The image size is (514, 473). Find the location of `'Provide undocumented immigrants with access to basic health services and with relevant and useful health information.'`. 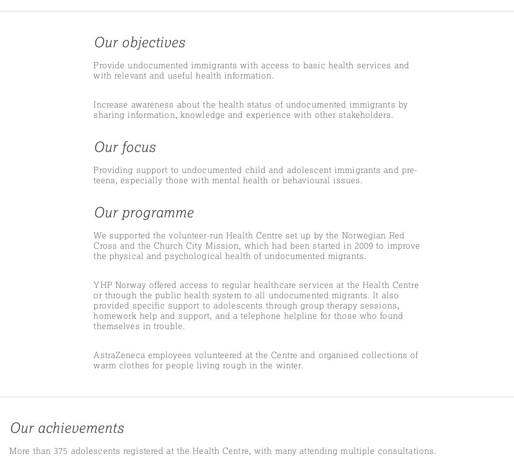

'Provide undocumented immigrants with access to basic health services and with relevant and useful health information.' is located at coordinates (93, 70).